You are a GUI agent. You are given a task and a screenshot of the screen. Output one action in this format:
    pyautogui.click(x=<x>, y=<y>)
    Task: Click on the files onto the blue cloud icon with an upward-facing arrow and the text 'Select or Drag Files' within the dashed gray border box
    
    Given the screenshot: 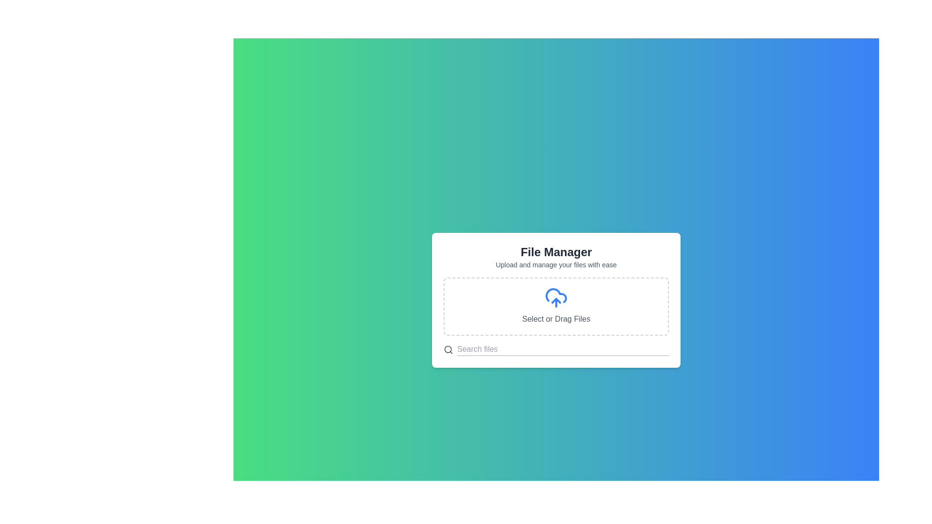 What is the action you would take?
    pyautogui.click(x=556, y=305)
    